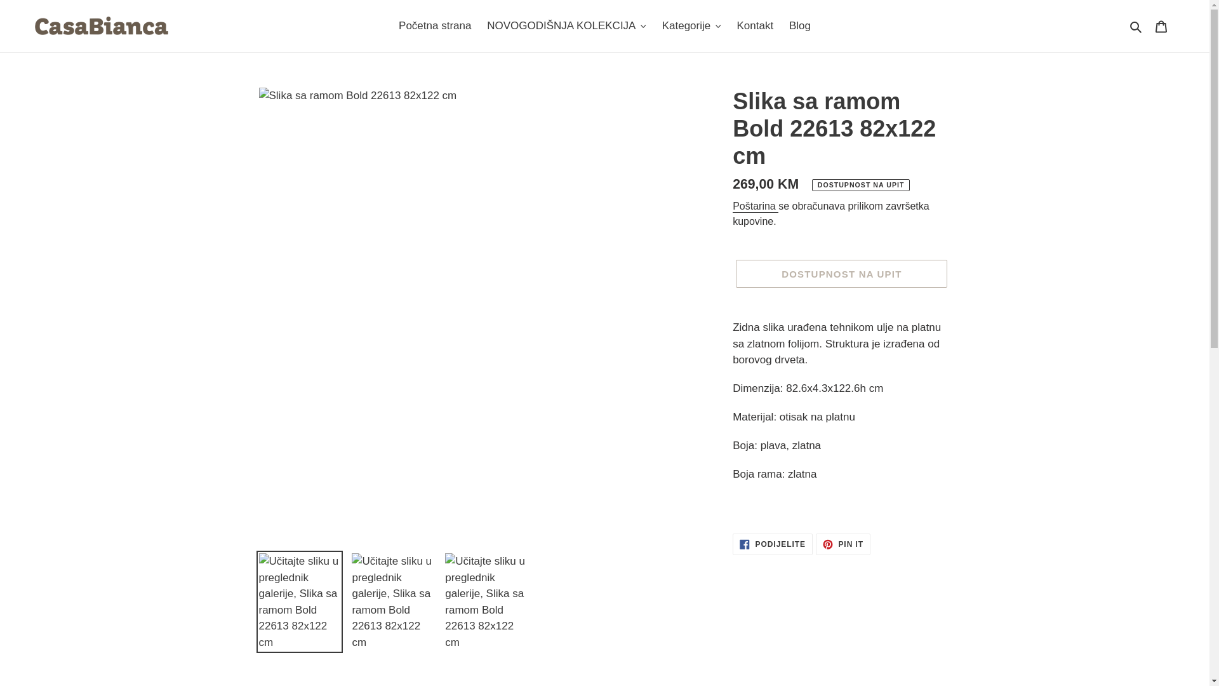 The width and height of the screenshot is (1219, 686). I want to click on 'Kategorije', so click(691, 26).